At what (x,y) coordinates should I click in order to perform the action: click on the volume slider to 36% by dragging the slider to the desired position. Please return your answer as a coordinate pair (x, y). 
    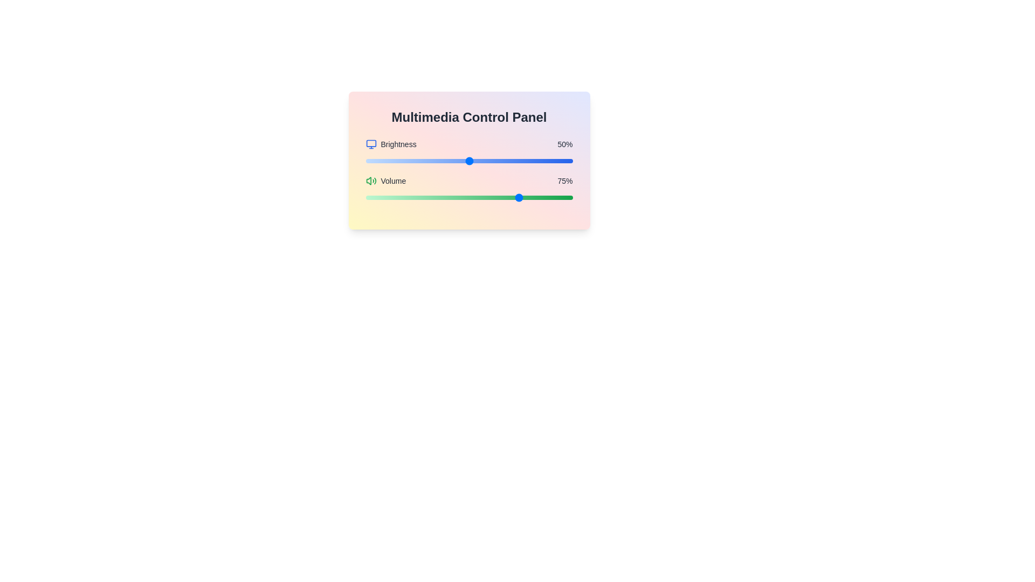
    Looking at the image, I should click on (440, 197).